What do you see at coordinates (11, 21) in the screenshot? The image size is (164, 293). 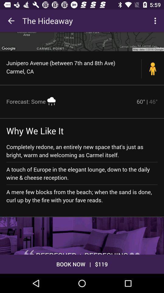 I see `icon to the left of the hideaway` at bounding box center [11, 21].